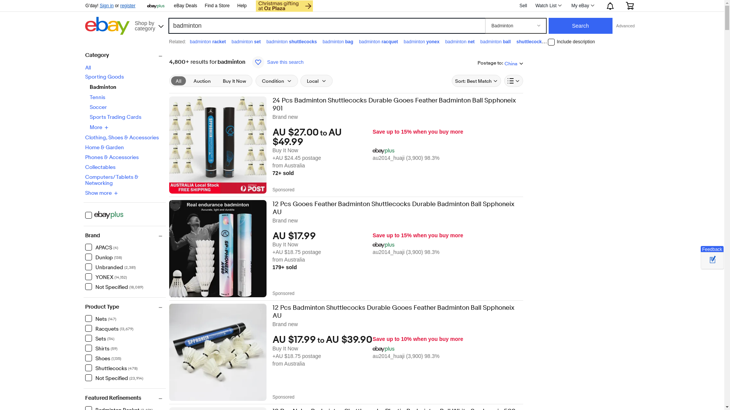 This screenshot has width=730, height=410. I want to click on 'Soccer', so click(89, 107).